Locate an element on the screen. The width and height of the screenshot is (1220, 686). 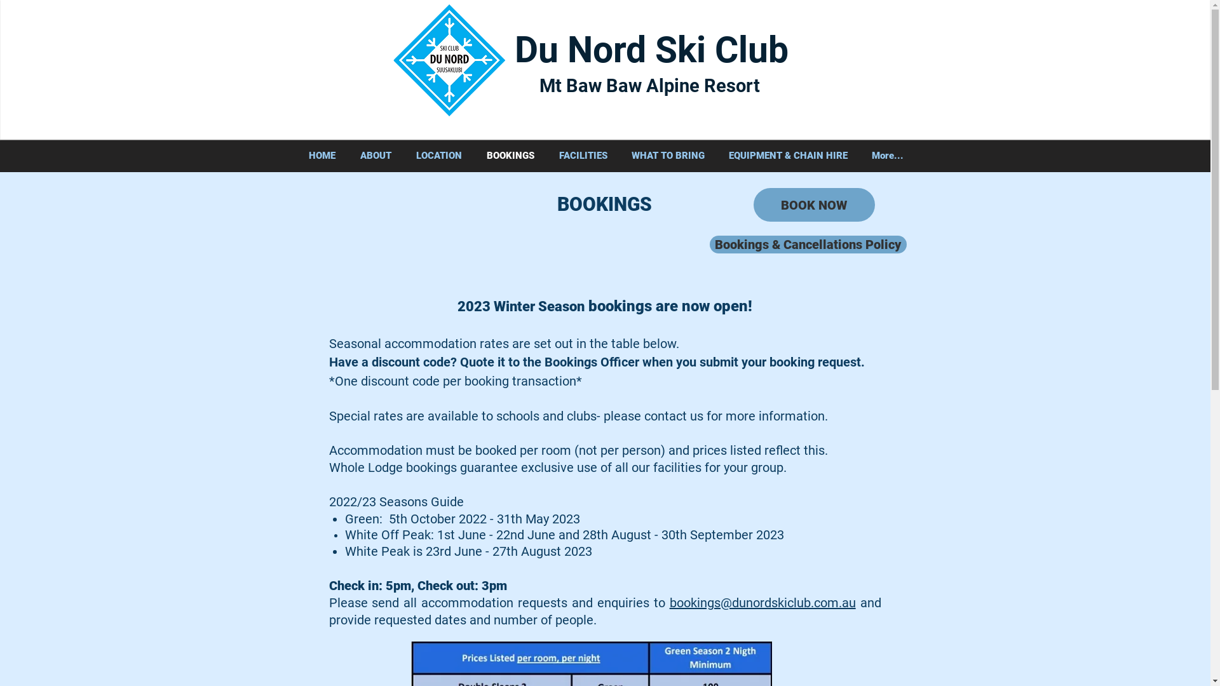
'EQUIPMENT & CHAIN HIRE' is located at coordinates (787, 155).